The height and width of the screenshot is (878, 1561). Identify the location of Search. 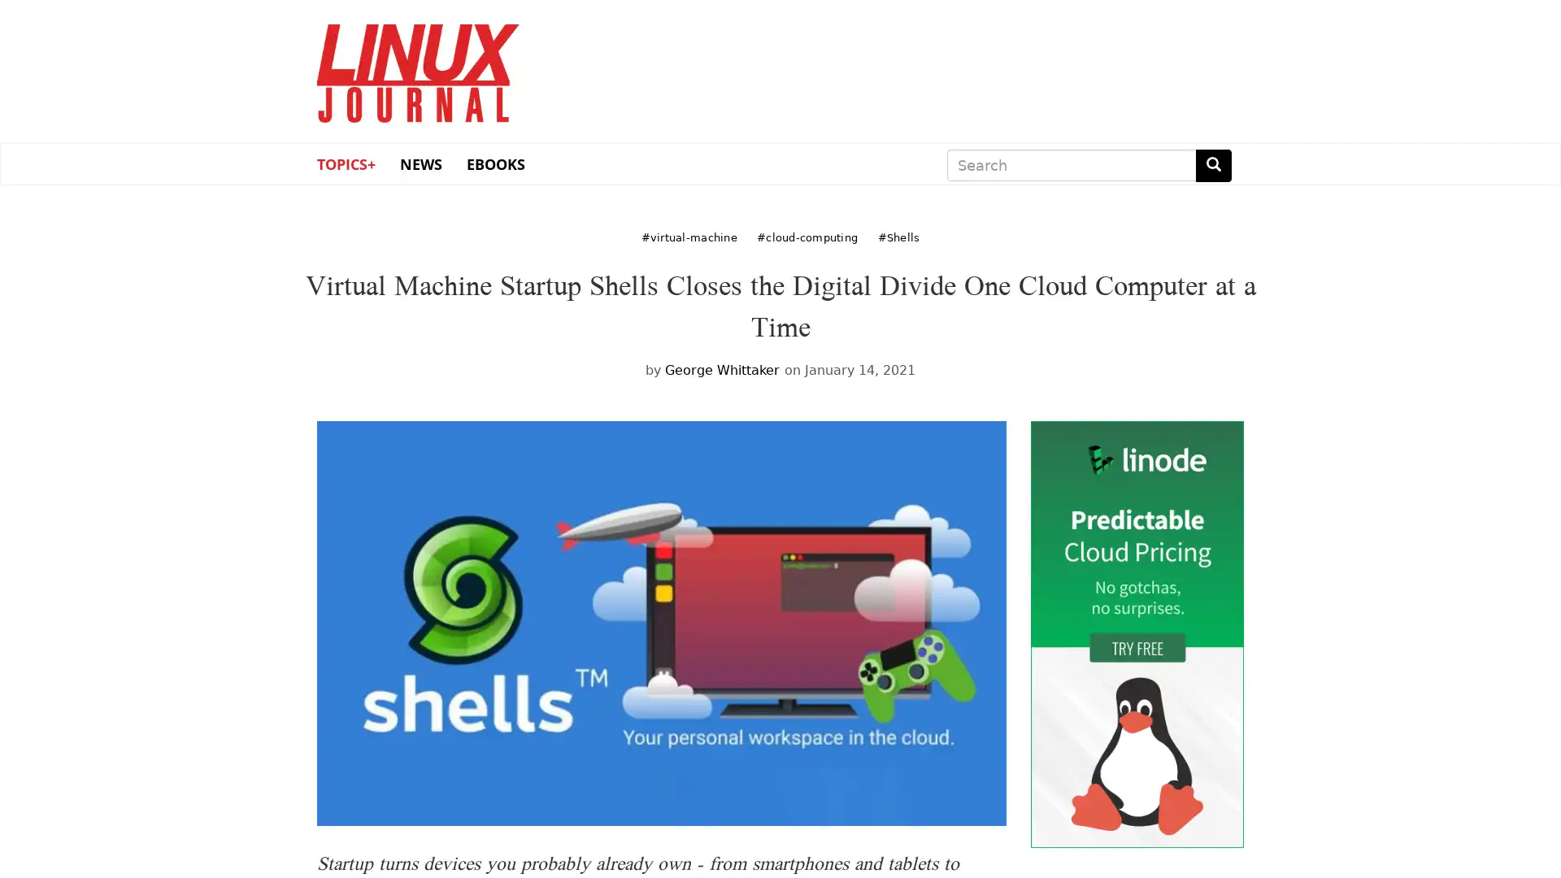
(1213, 165).